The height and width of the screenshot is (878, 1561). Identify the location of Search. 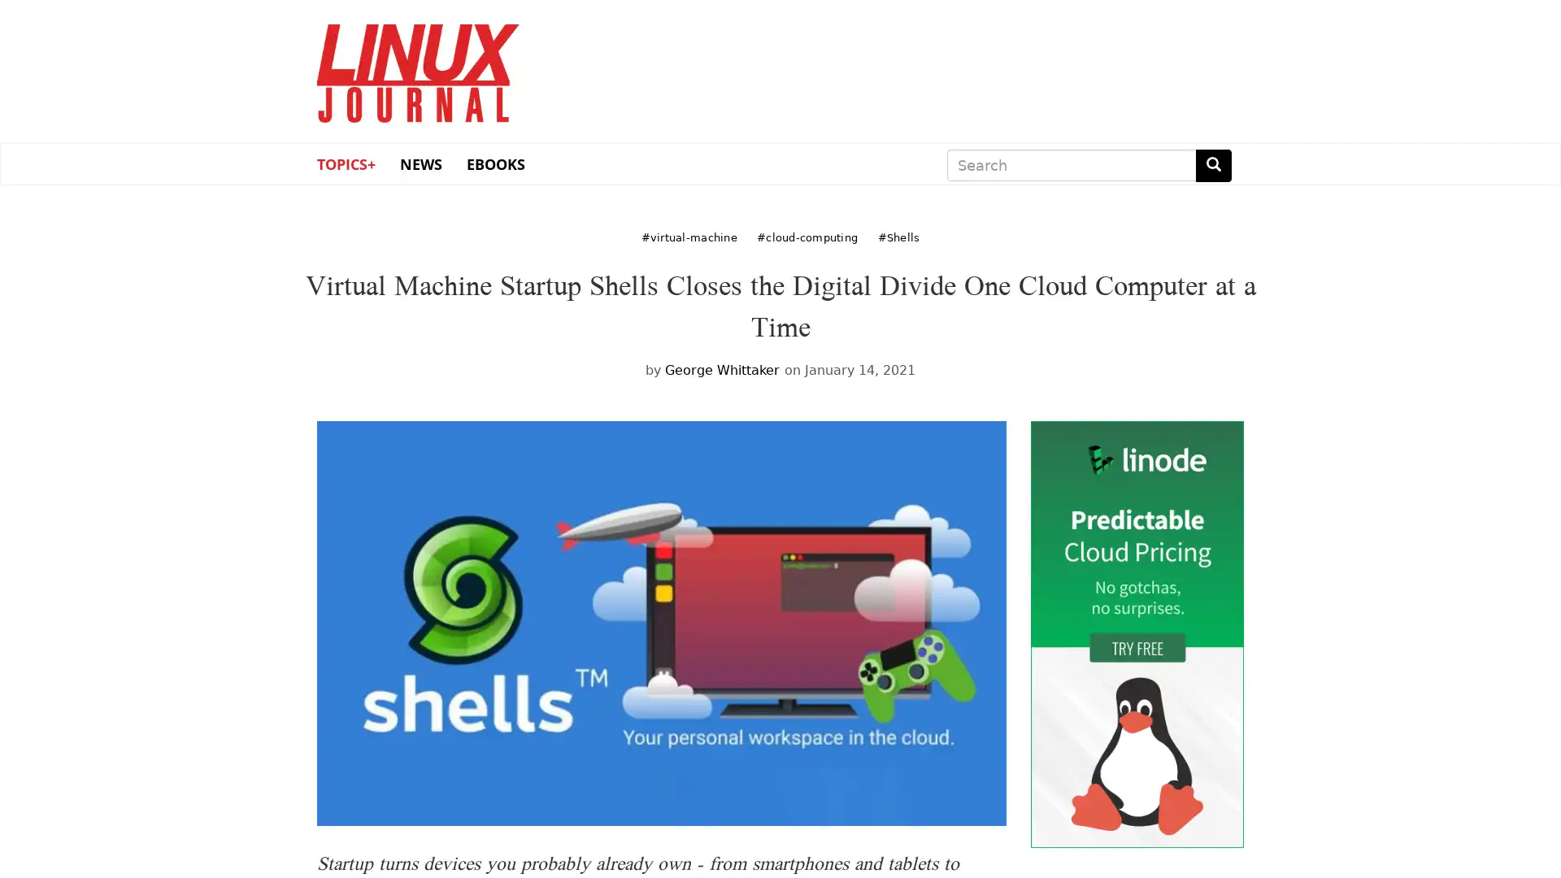
(1213, 165).